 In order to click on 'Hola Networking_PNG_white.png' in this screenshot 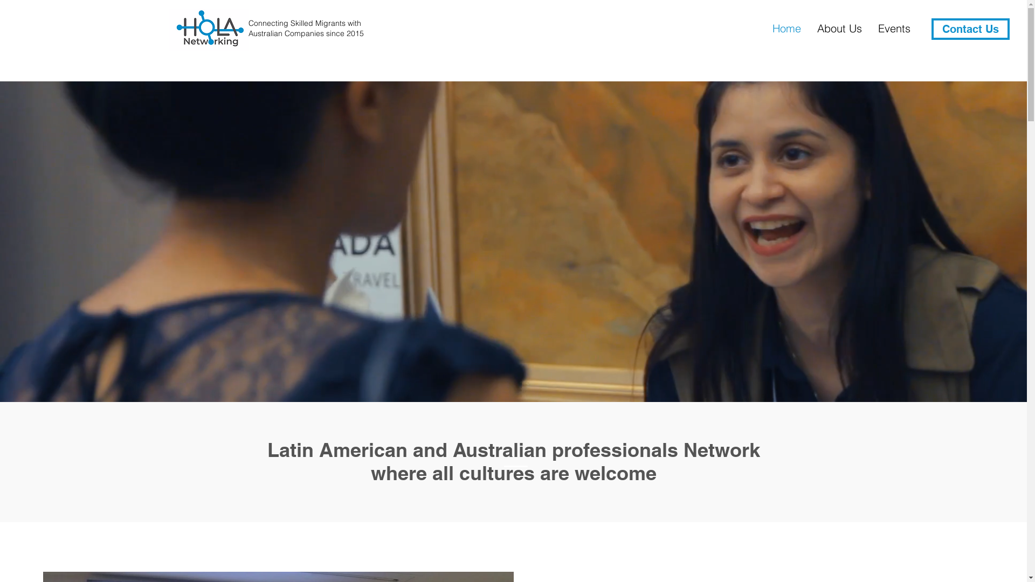, I will do `click(209, 29)`.